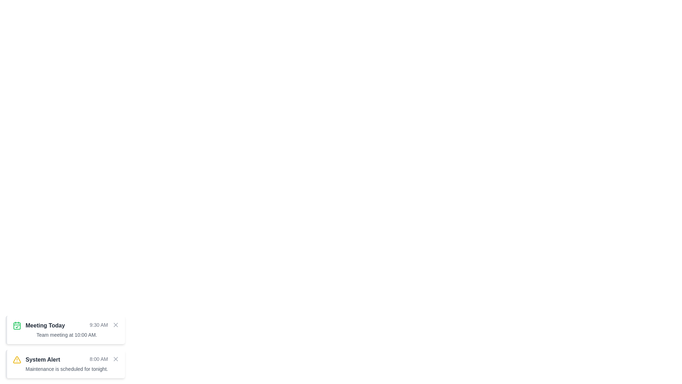 This screenshot has height=384, width=682. I want to click on the gray 'X' icon button located at the top-right corner of the 'Meeting Today' notification card, so click(116, 325).